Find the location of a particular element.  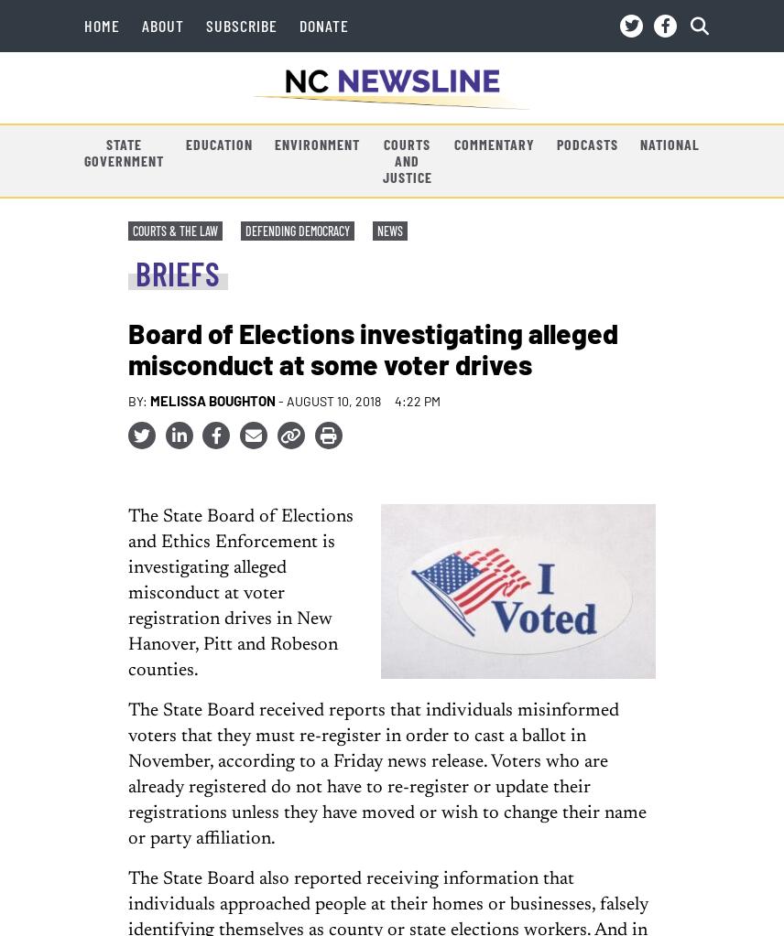

'“Voter Search” tool here' is located at coordinates (250, 486).